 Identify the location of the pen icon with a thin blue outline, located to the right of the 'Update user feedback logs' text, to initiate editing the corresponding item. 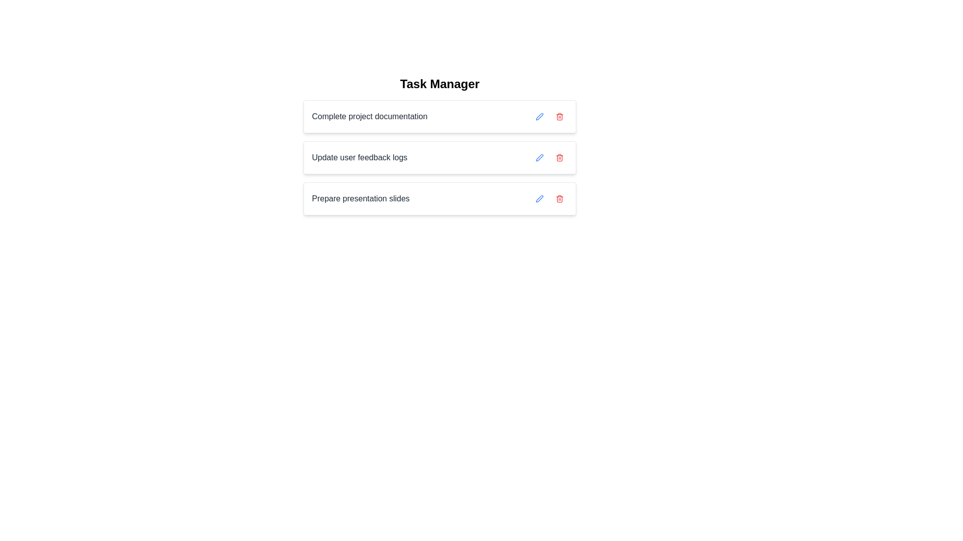
(539, 116).